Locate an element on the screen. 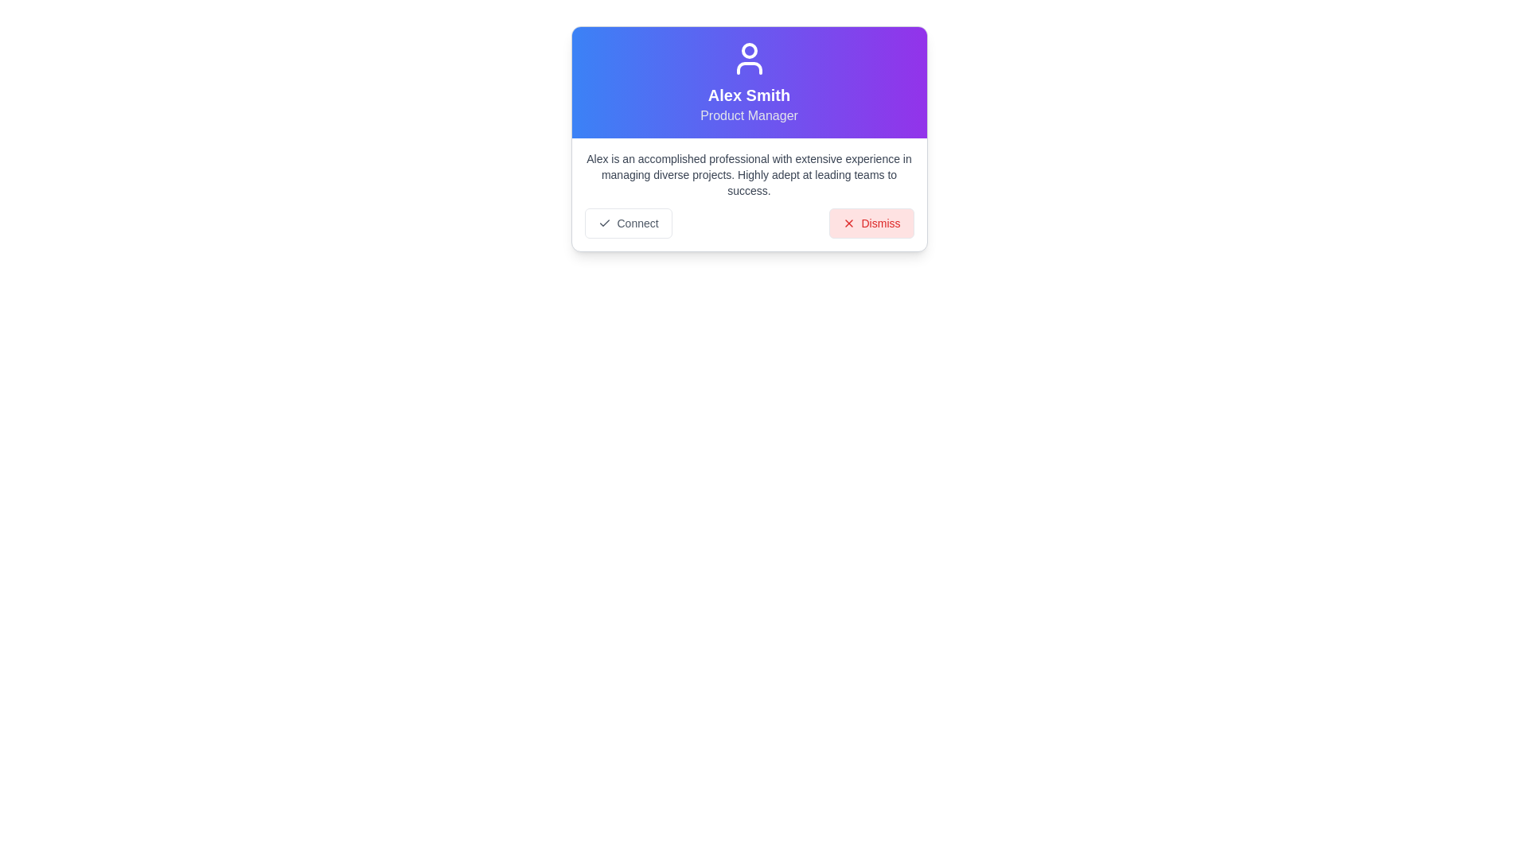  the user profile icon representing 'Alex Smith' located at the top of the card is located at coordinates (748, 57).